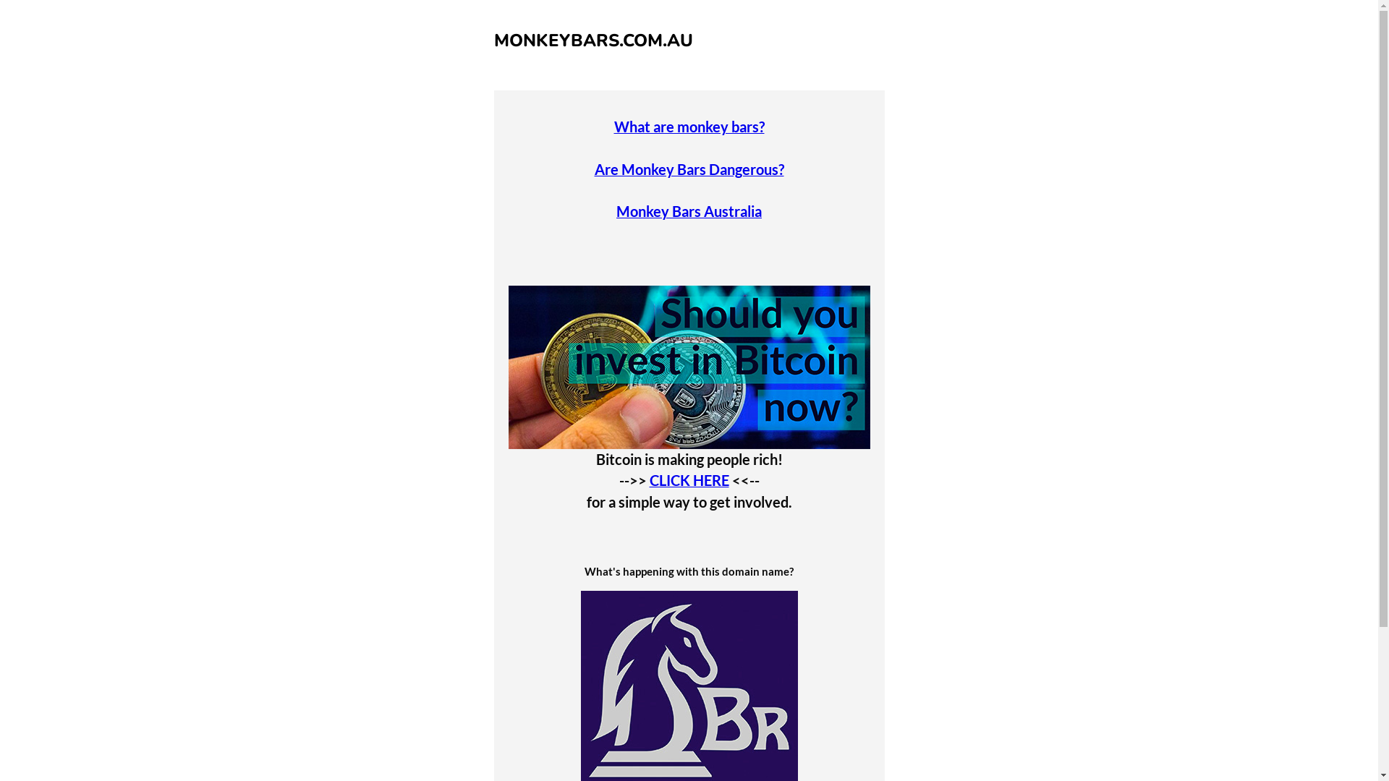 The height and width of the screenshot is (781, 1389). Describe the element at coordinates (688, 211) in the screenshot. I see `'Monkey Bars Australia'` at that location.